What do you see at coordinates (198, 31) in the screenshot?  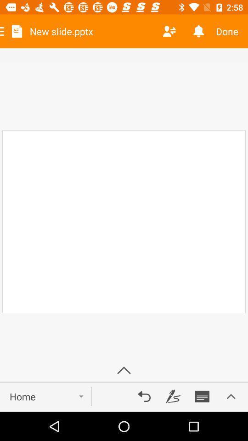 I see `the item next to done icon` at bounding box center [198, 31].